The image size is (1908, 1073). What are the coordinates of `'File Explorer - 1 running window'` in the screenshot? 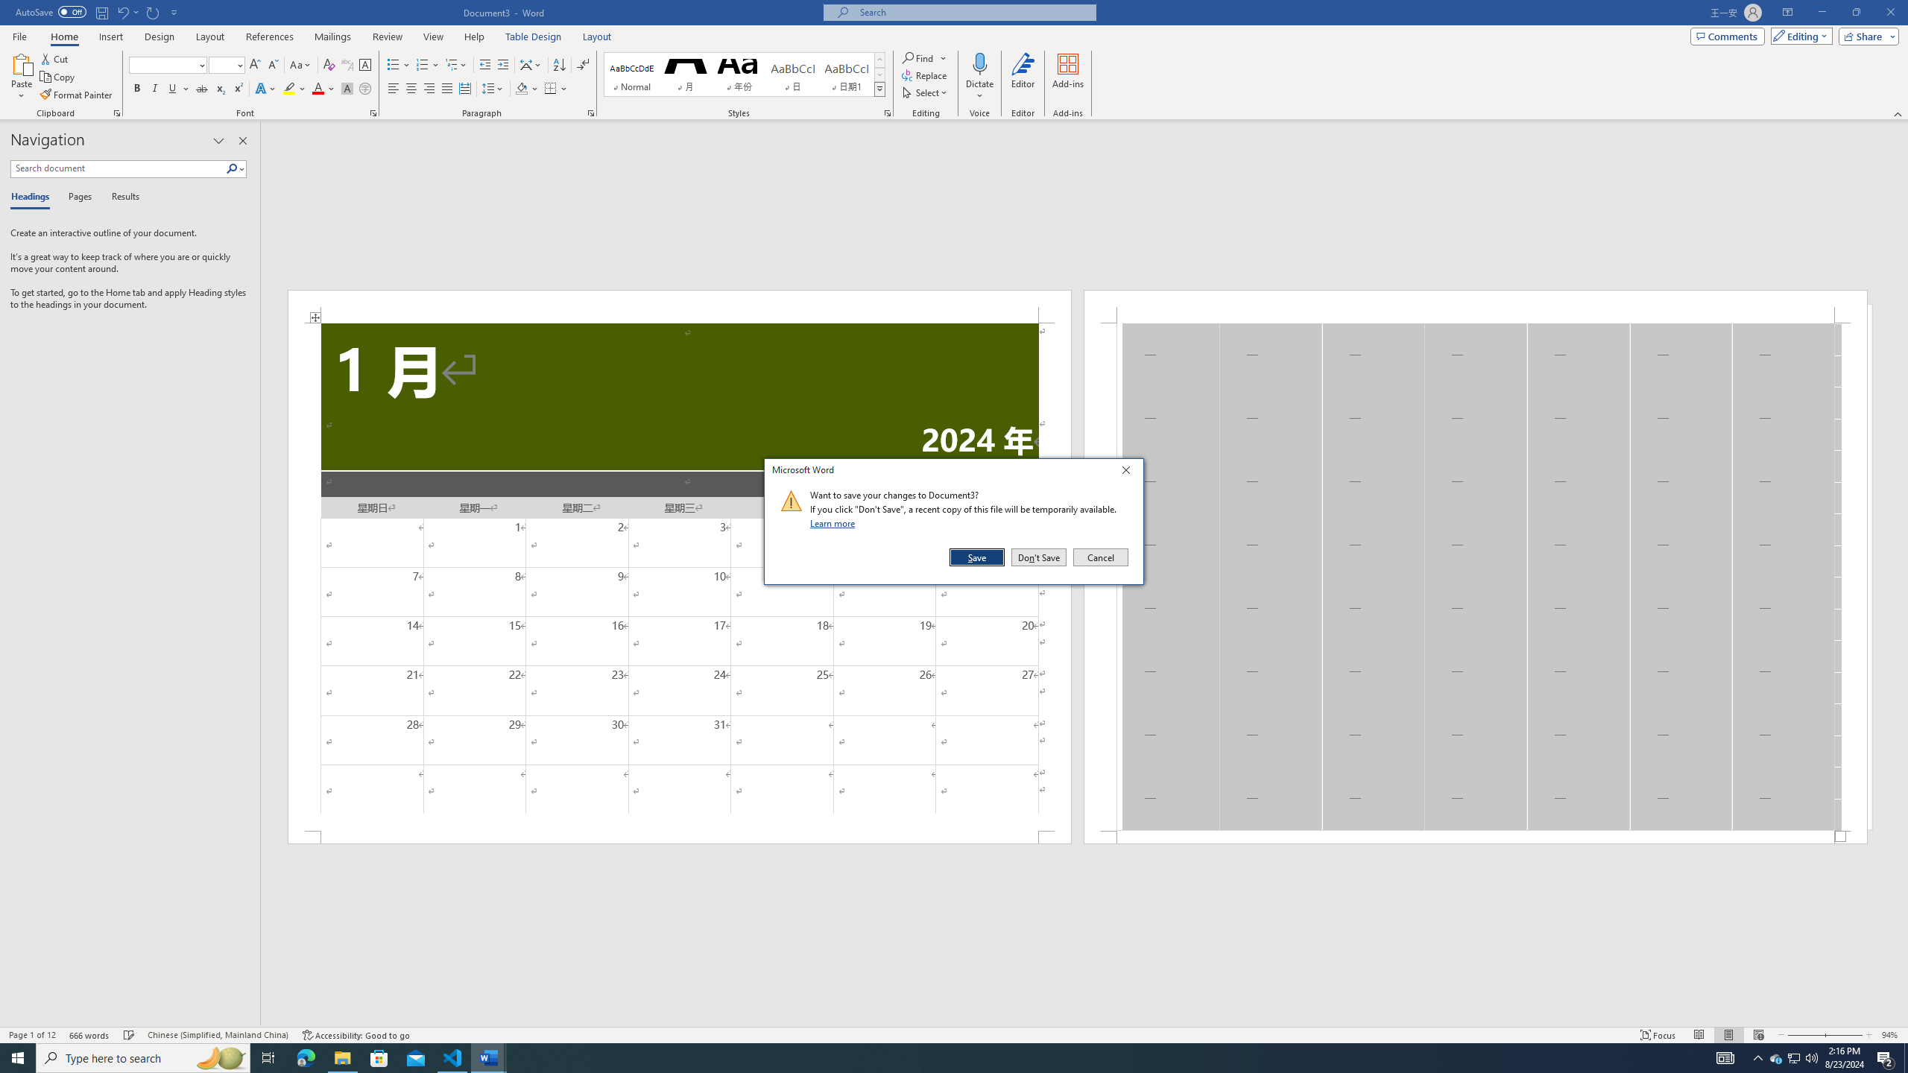 It's located at (341, 1057).